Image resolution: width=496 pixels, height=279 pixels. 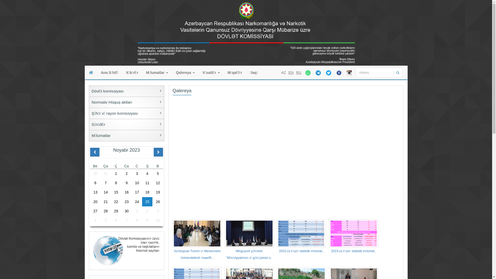 What do you see at coordinates (283, 73) in the screenshot?
I see `'AZ'` at bounding box center [283, 73].